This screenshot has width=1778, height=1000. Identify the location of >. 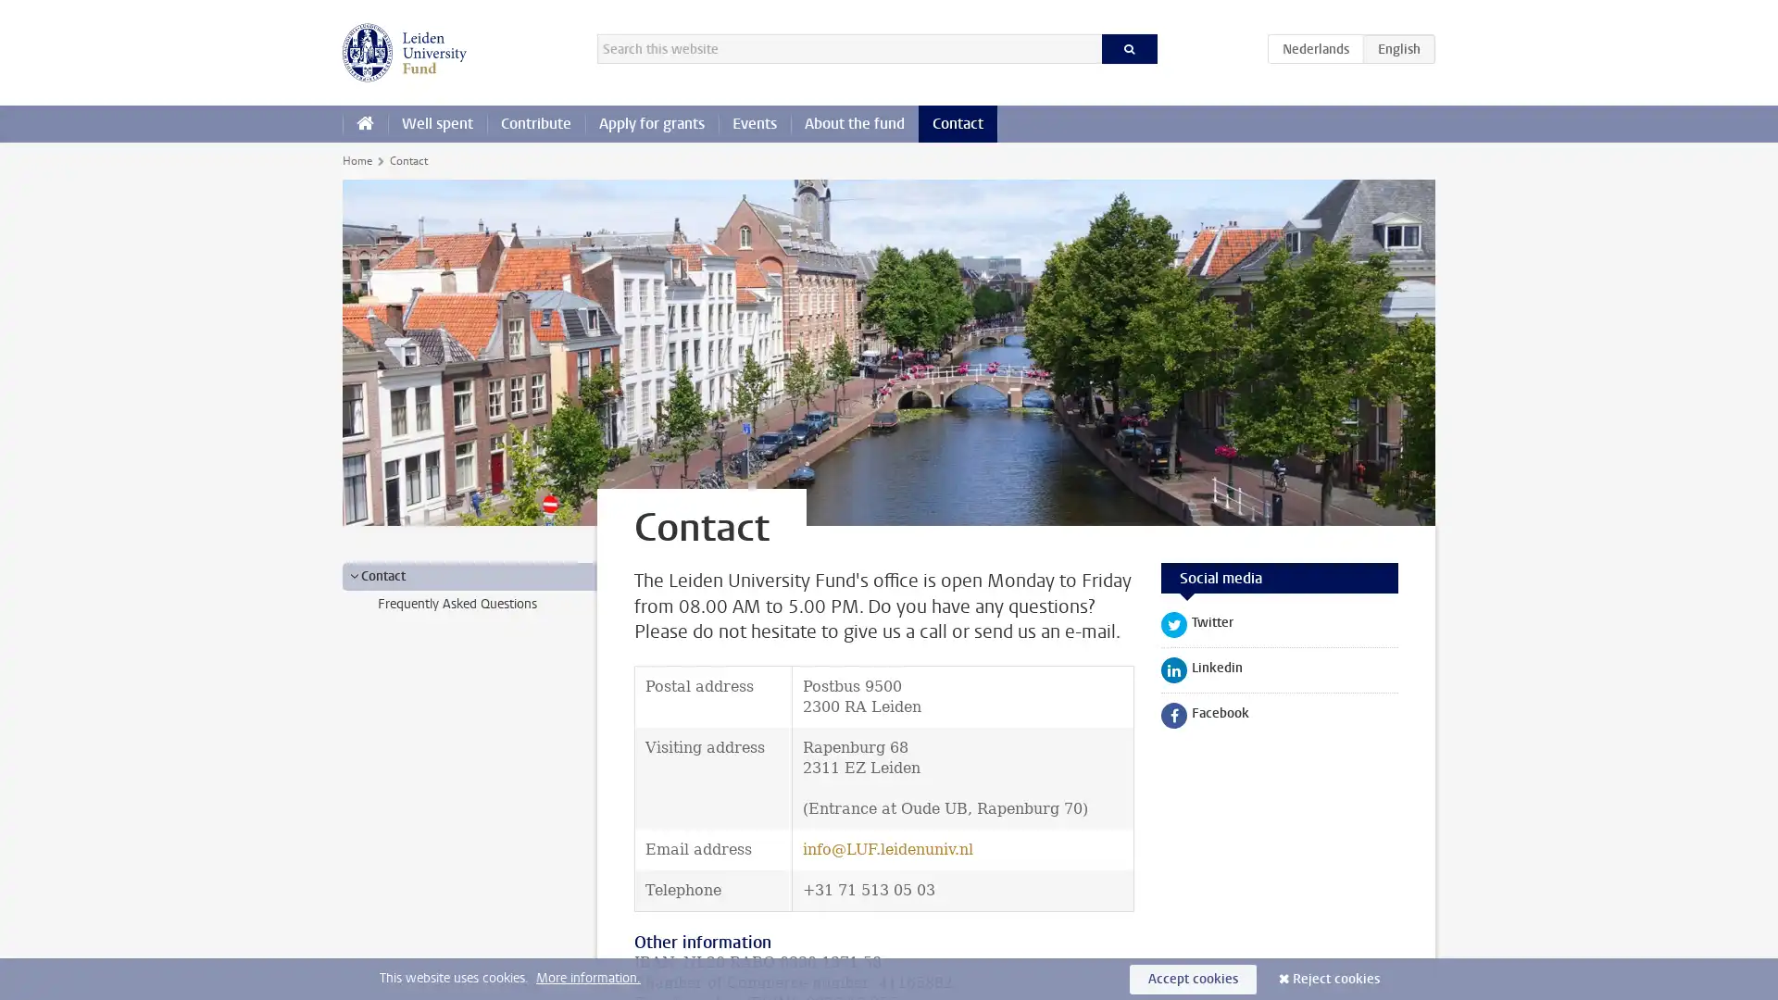
(354, 574).